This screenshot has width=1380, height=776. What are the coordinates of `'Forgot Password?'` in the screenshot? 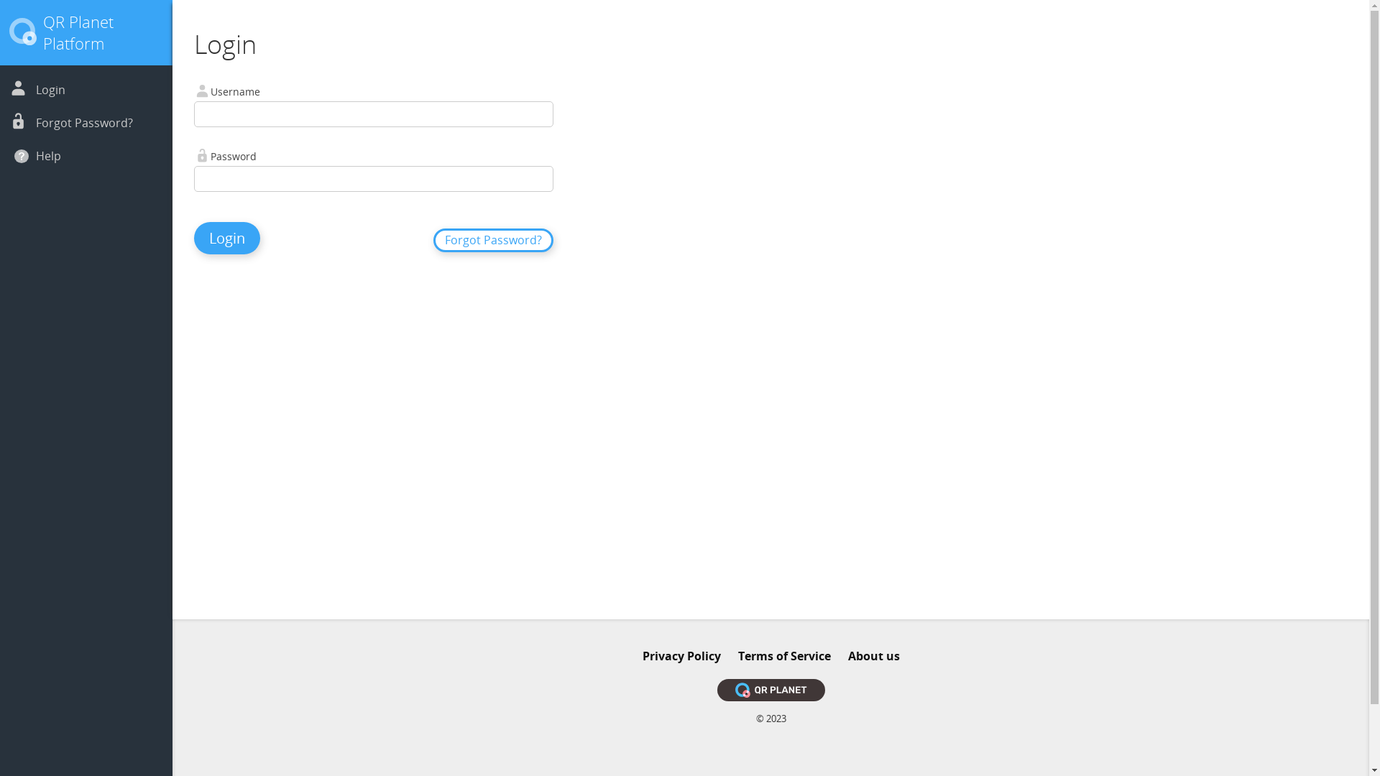 It's located at (493, 239).